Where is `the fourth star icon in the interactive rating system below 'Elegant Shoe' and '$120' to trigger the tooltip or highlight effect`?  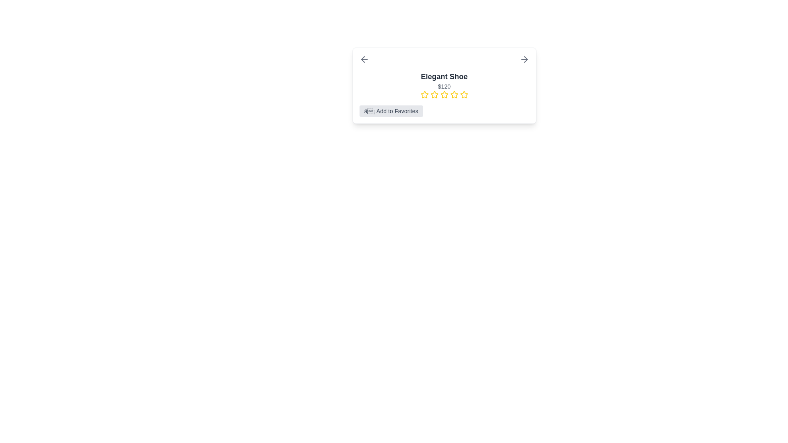 the fourth star icon in the interactive rating system below 'Elegant Shoe' and '$120' to trigger the tooltip or highlight effect is located at coordinates (444, 94).